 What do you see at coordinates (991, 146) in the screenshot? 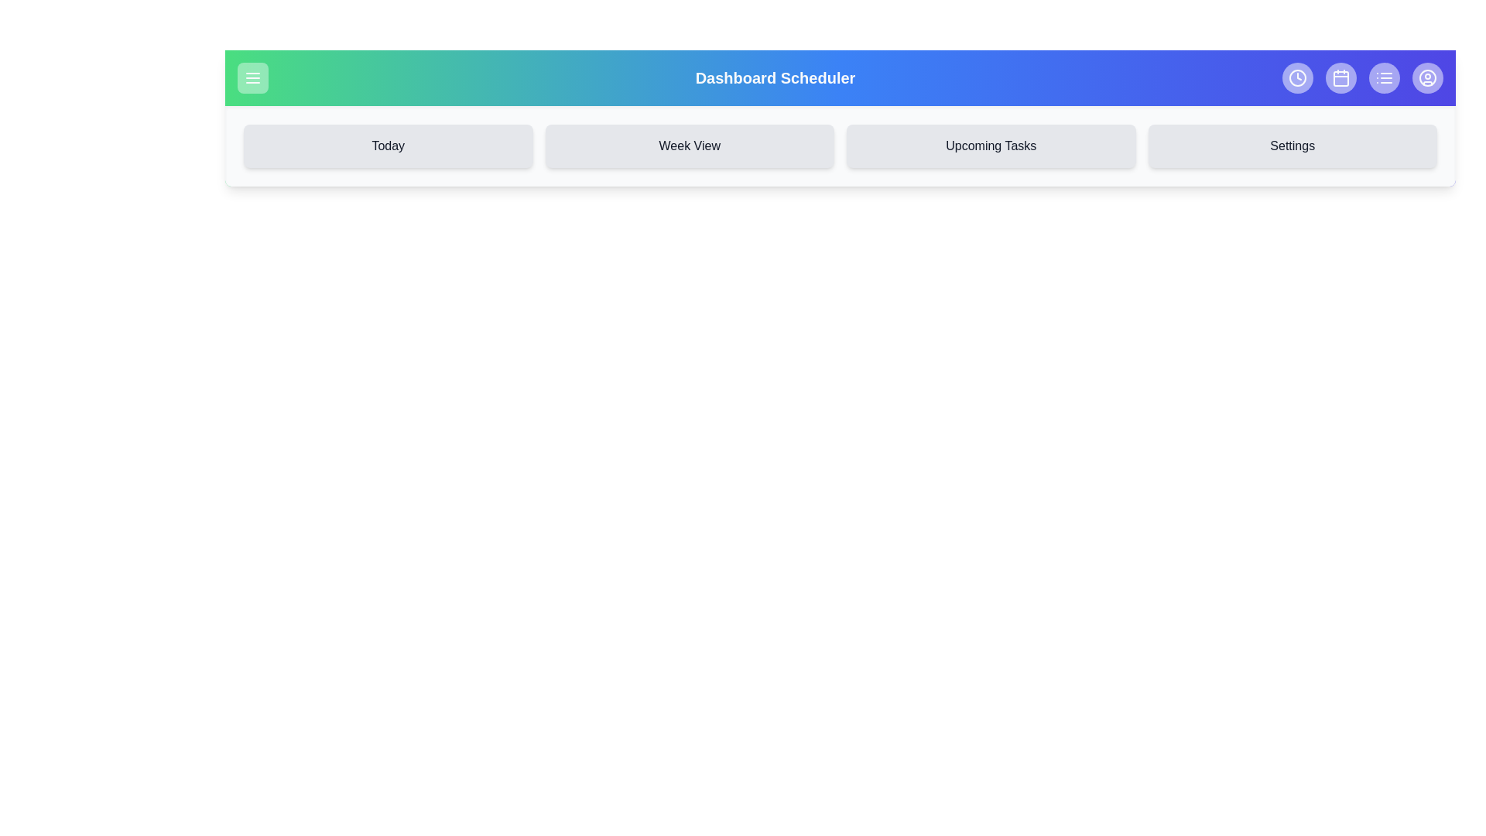
I see `the navigation button labeled Upcoming Tasks` at bounding box center [991, 146].